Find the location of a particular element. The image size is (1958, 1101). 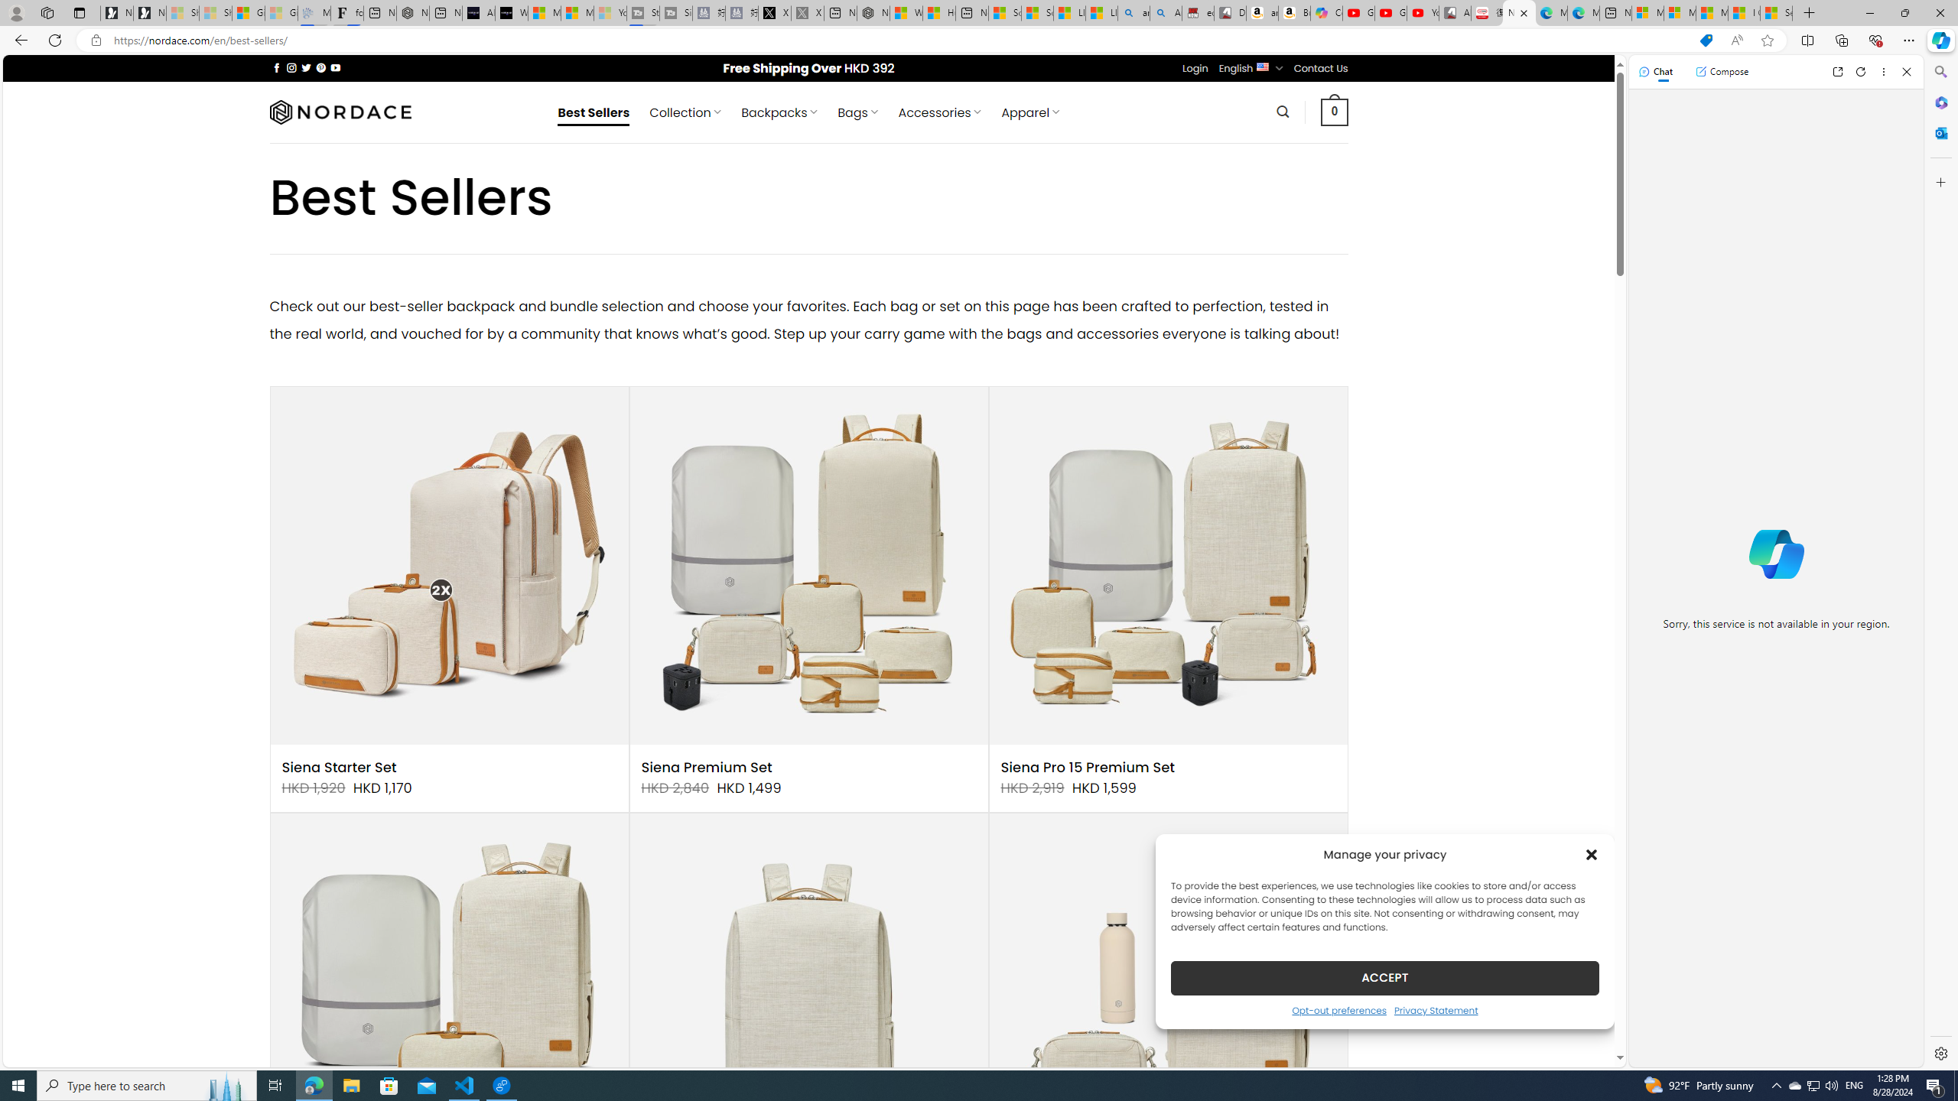

'Opt-out preferences' is located at coordinates (1338, 1009).